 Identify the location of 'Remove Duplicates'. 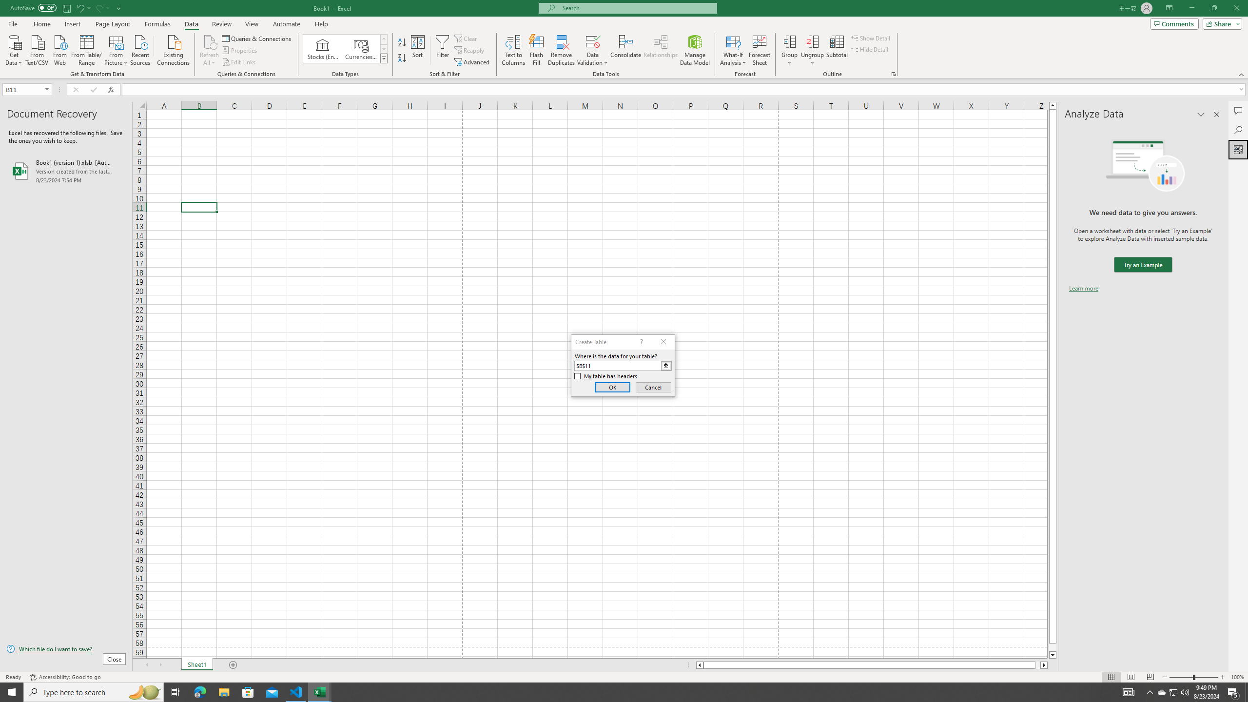
(561, 50).